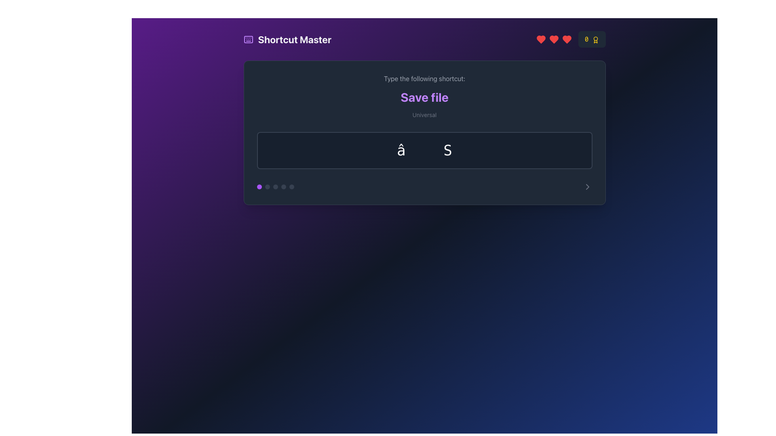 The width and height of the screenshot is (776, 436). Describe the element at coordinates (424, 96) in the screenshot. I see `and read the textual instructions in the Text Display Area labeled 'Universal' about the shortcut 'Save file'` at that location.